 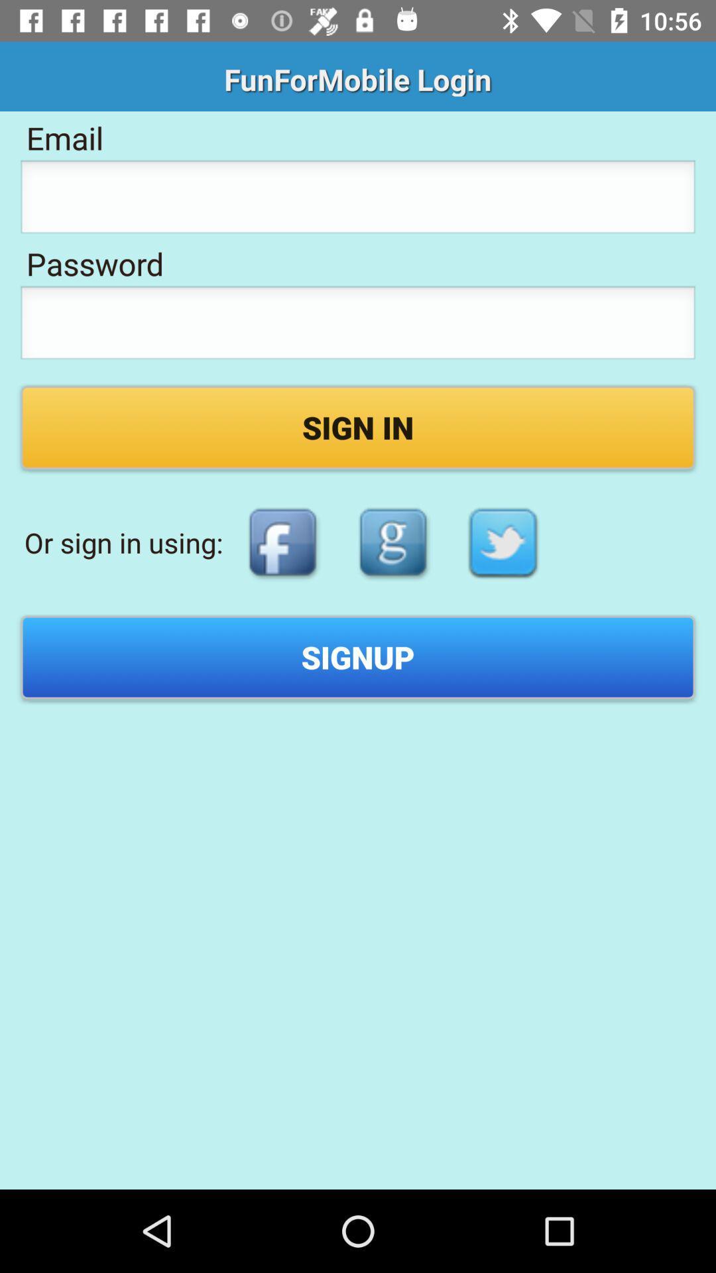 I want to click on app to the right of or sign in item, so click(x=282, y=542).